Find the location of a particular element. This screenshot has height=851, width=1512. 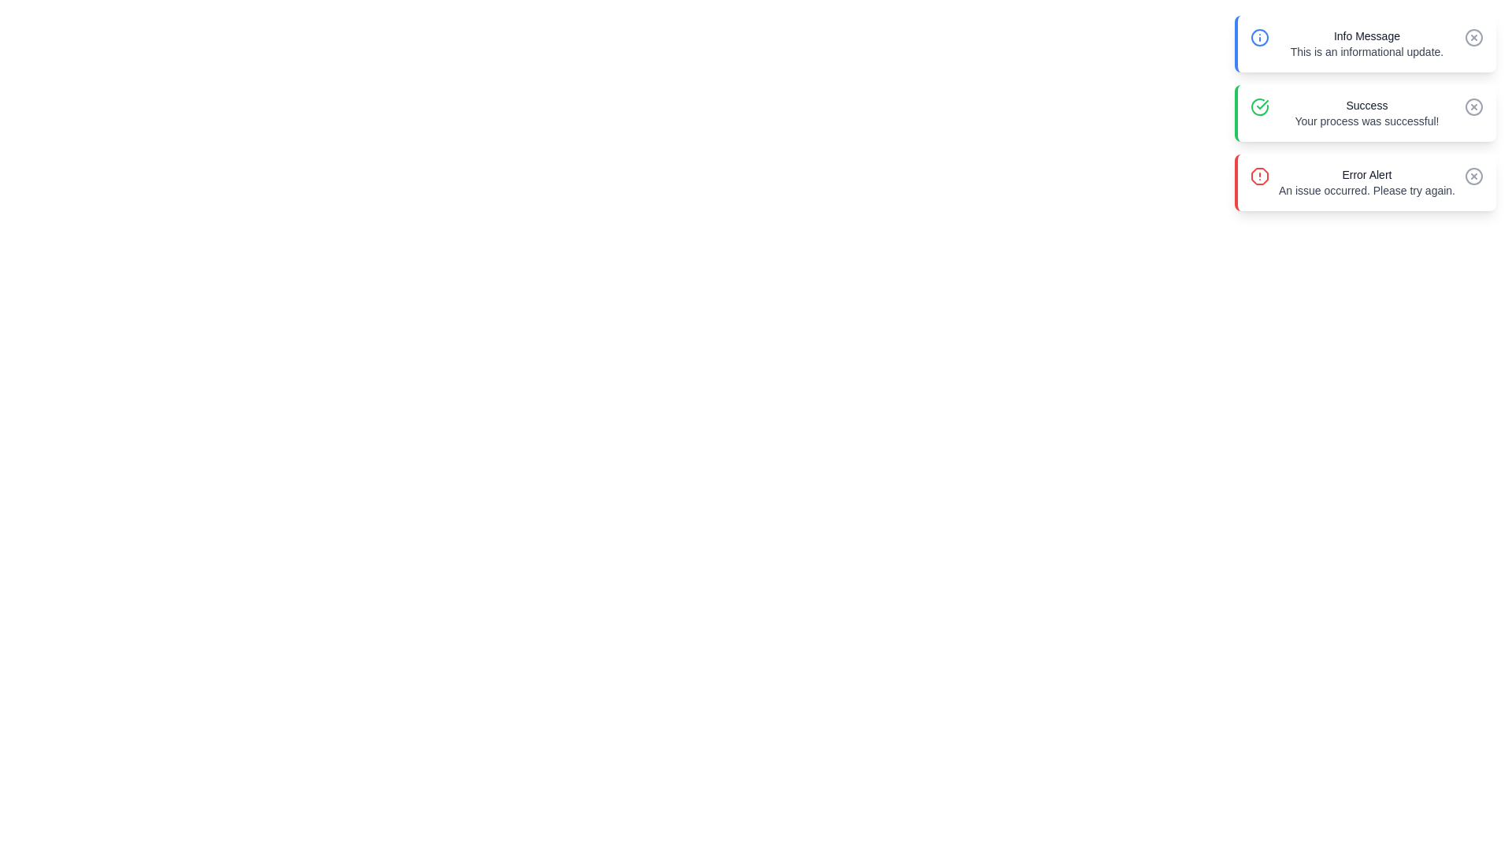

the static text displaying 'An issue occurred. Please try again.' which is styled with small-sized gray text and is positioned below 'Error Alert' within a notification card is located at coordinates (1366, 190).